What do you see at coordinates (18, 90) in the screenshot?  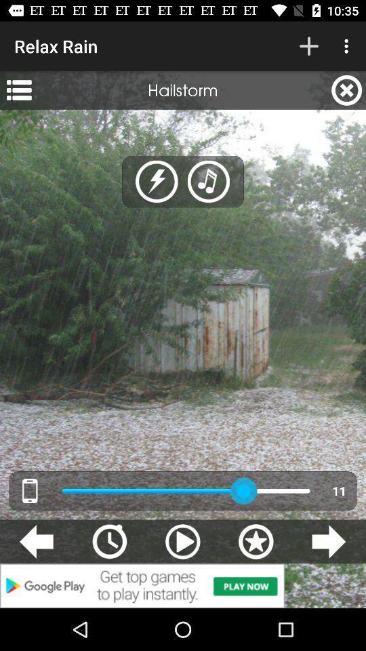 I see `the icon to the left of hailstorm app` at bounding box center [18, 90].